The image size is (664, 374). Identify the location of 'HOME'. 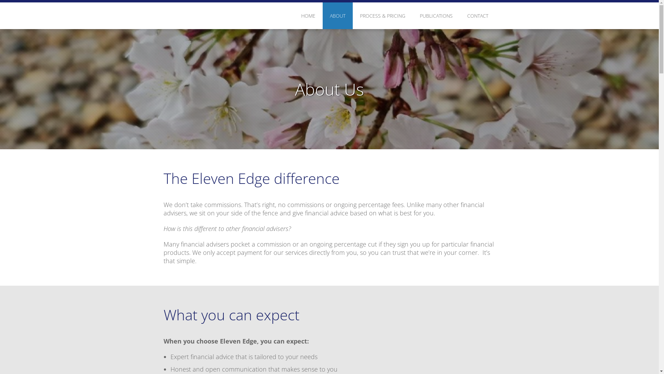
(308, 16).